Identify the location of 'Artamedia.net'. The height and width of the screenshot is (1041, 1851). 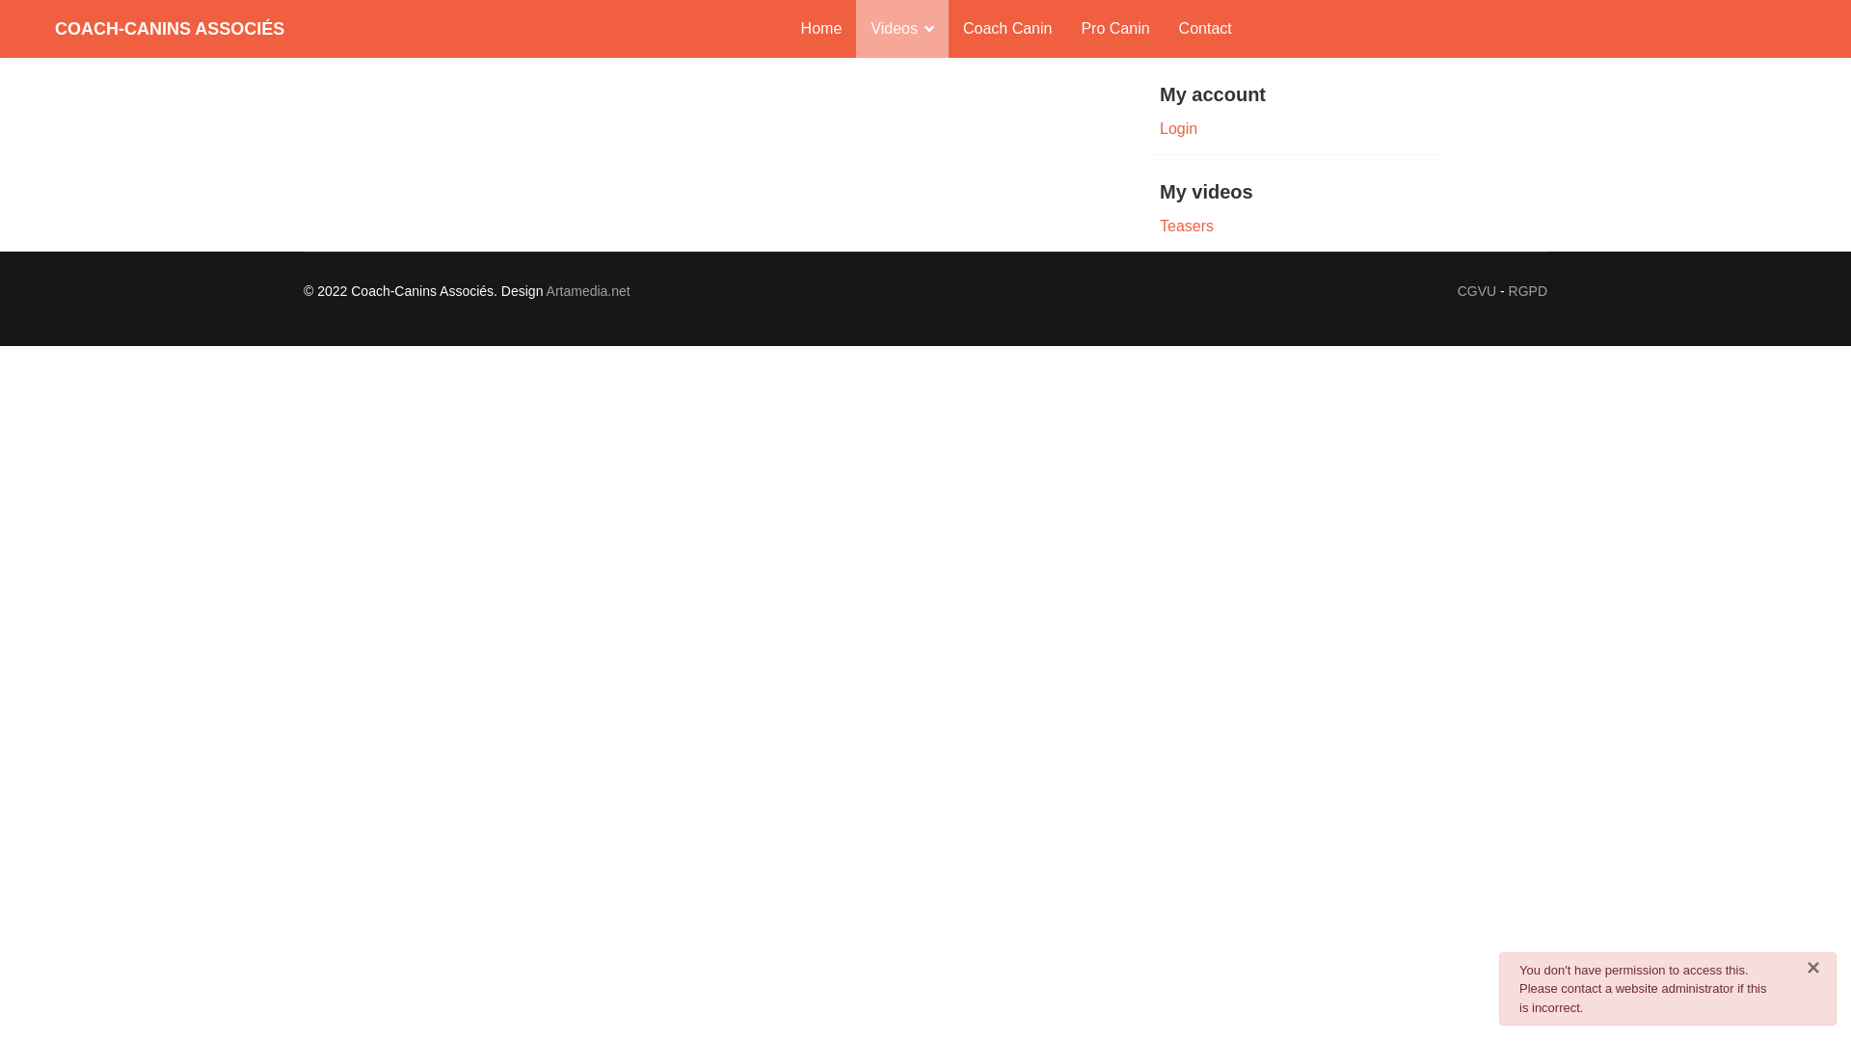
(587, 290).